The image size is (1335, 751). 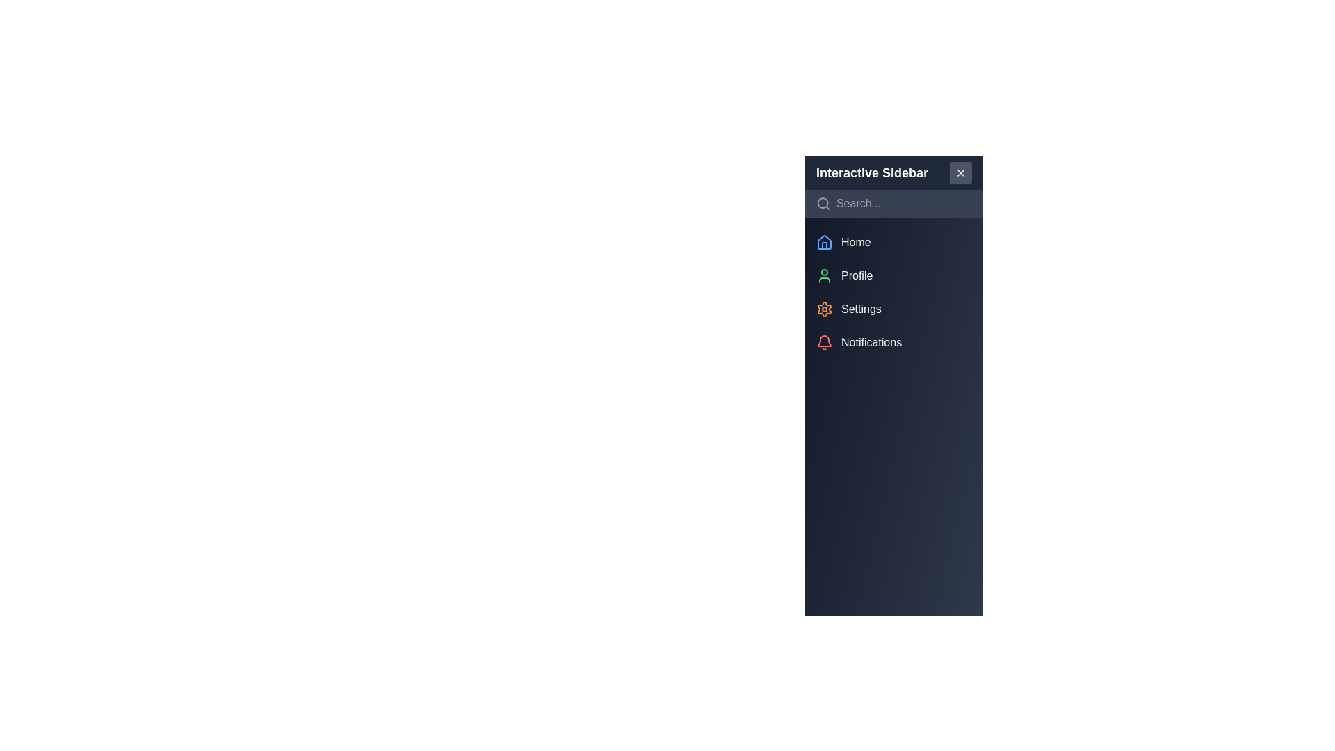 What do you see at coordinates (894, 241) in the screenshot?
I see `the 'Home' option` at bounding box center [894, 241].